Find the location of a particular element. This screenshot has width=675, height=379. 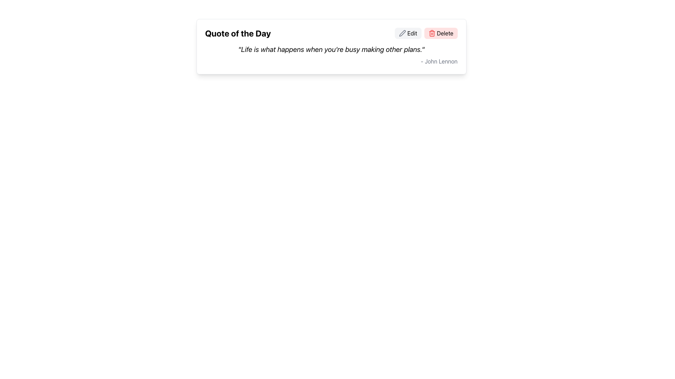

the 'Delete' button, which has a red background, displays the text 'Delete' with a trash icon, and shows a hover effect when the mouse is over it is located at coordinates (440, 33).